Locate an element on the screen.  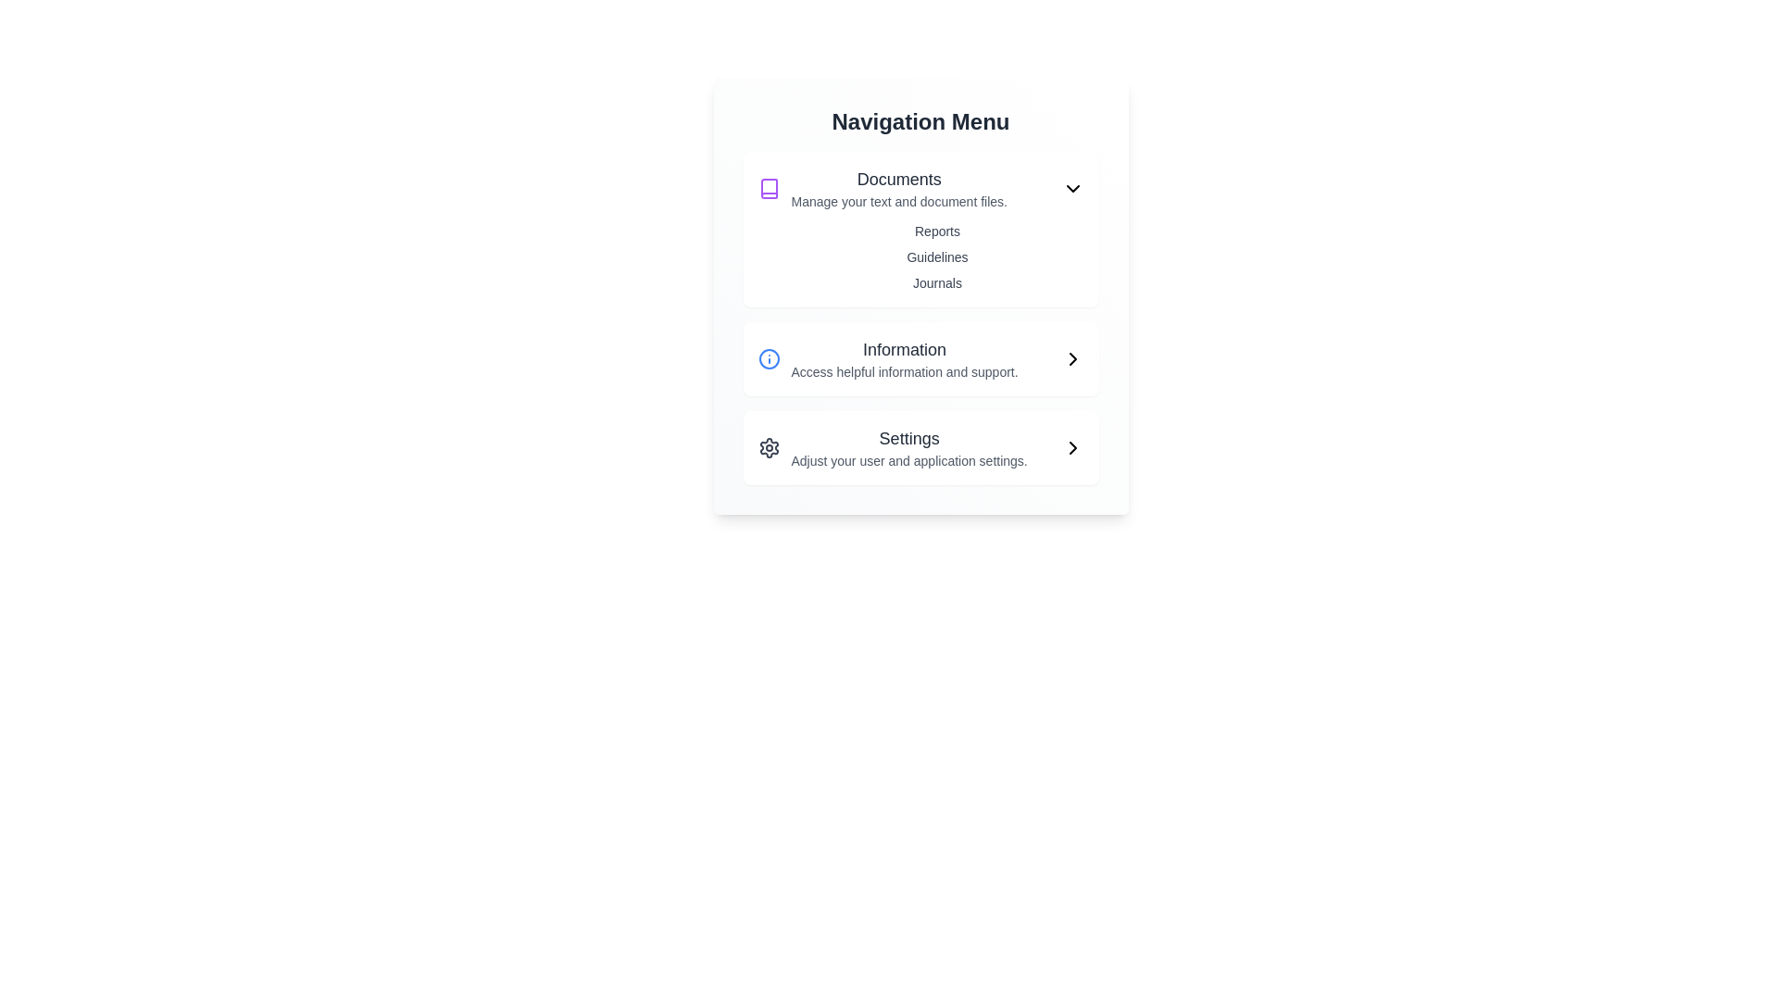
the graphical icon resembling a stylized book with a purple hue, located within the 'Documents' card in the navigation menu, to the left of the text label 'Documents' is located at coordinates (769, 189).